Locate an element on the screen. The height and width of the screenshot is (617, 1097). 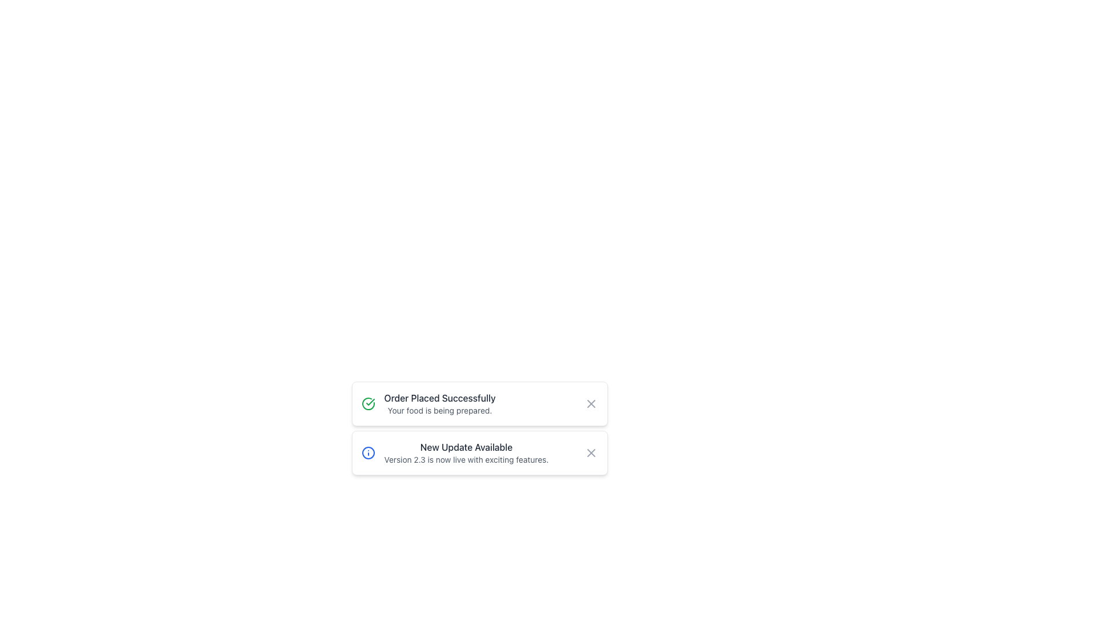
the close button located at the top-right of the notification box that dismisses the message 'New Update Available Version 2.3 is now live with exciting features.' is located at coordinates (591, 452).